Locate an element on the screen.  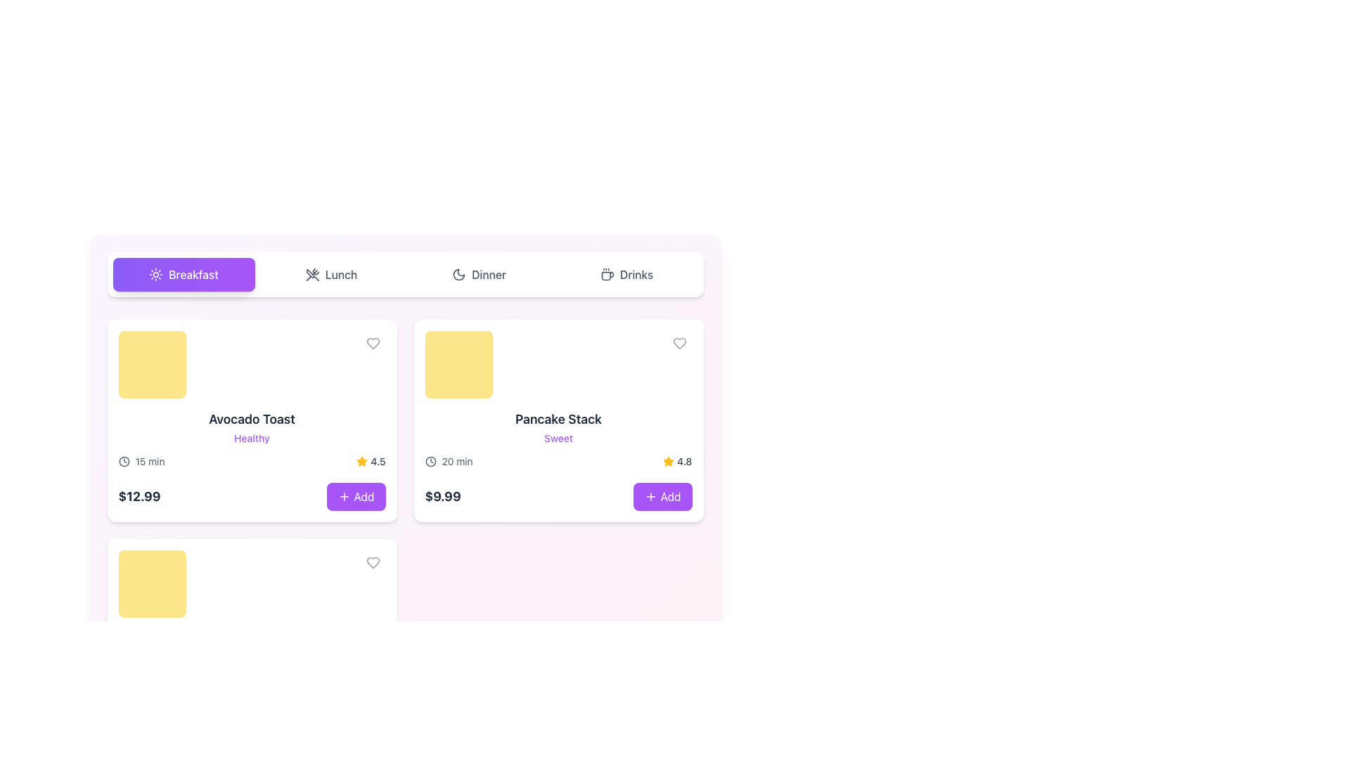
the 'Drinks' category text label located on the far right of the top navigation bar is located at coordinates (636, 274).